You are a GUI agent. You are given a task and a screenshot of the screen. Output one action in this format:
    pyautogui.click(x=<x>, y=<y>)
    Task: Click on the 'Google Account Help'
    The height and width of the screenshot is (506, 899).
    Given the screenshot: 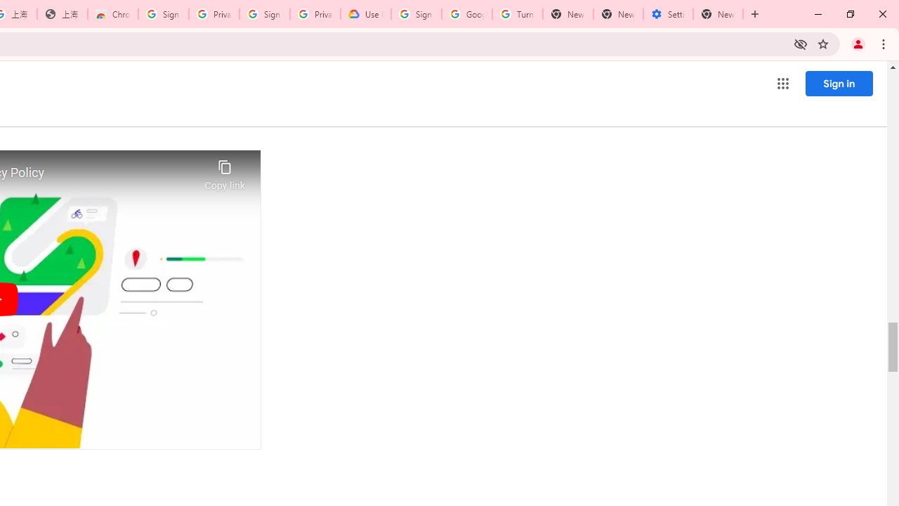 What is the action you would take?
    pyautogui.click(x=466, y=14)
    